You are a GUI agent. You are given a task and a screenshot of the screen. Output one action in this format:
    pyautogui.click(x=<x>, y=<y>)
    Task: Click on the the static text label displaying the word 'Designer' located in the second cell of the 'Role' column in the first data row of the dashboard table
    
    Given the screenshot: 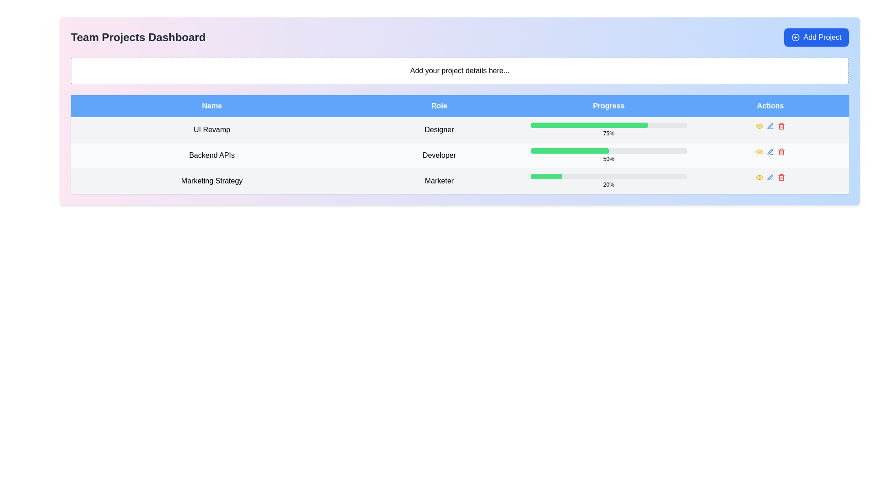 What is the action you would take?
    pyautogui.click(x=439, y=130)
    